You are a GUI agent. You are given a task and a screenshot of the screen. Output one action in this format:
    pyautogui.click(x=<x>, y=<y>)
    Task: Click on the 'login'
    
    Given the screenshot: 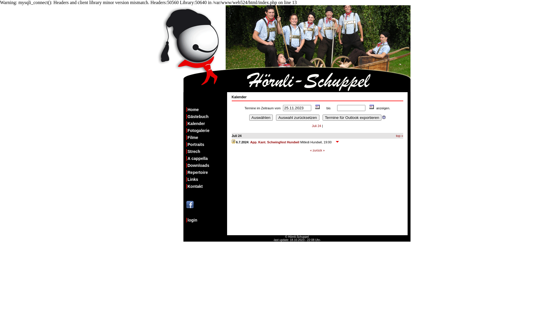 What is the action you would take?
    pyautogui.click(x=207, y=220)
    